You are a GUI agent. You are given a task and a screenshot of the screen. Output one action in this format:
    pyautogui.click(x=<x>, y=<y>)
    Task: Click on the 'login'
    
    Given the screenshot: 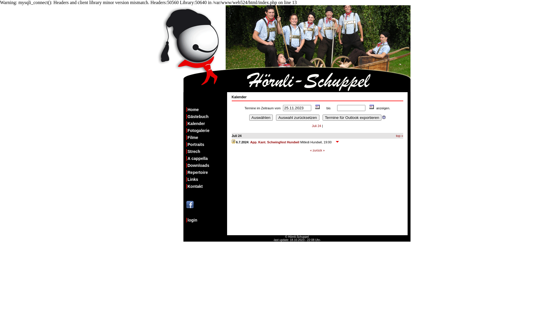 What is the action you would take?
    pyautogui.click(x=207, y=220)
    